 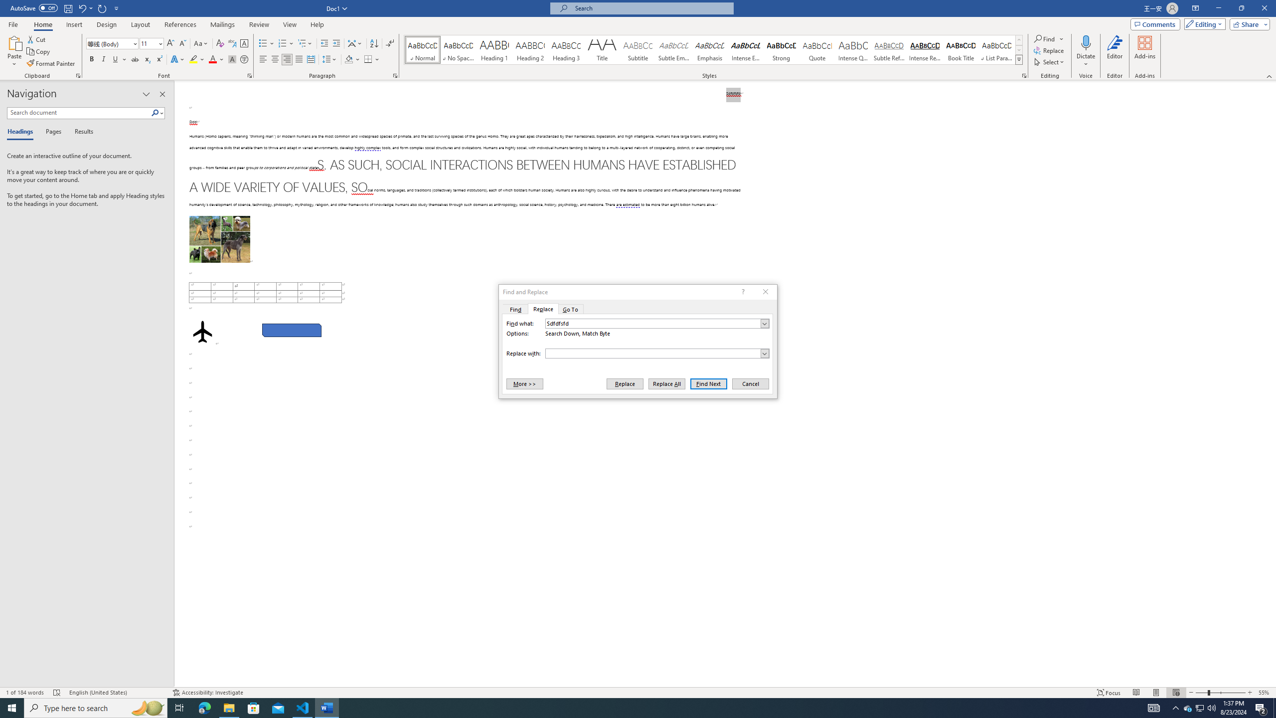 What do you see at coordinates (1050, 61) in the screenshot?
I see `'Select'` at bounding box center [1050, 61].